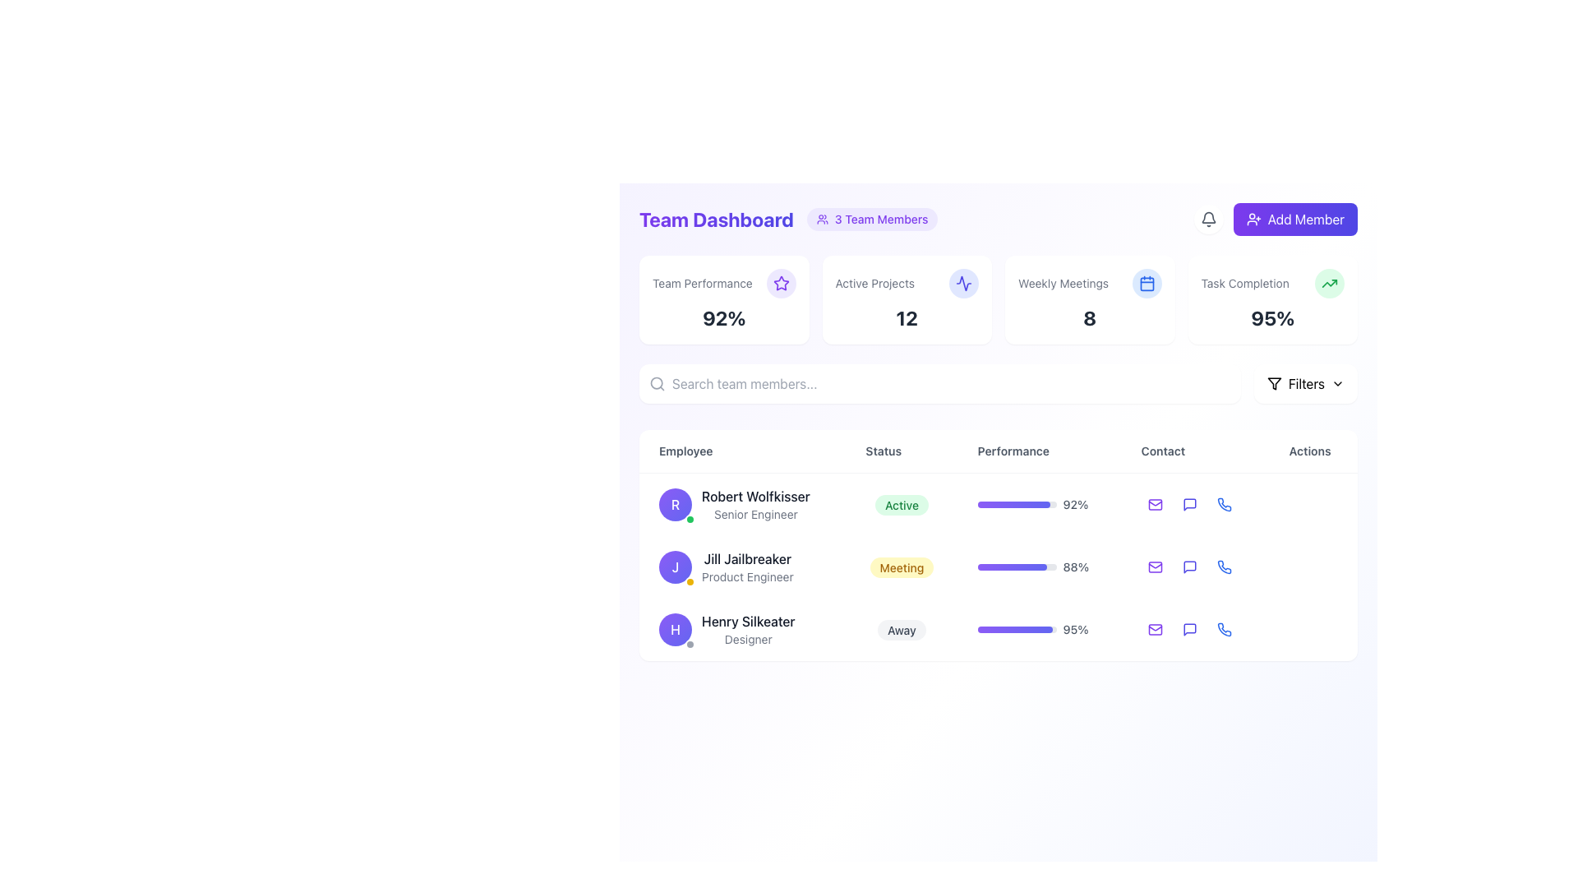 This screenshot has height=888, width=1578. What do you see at coordinates (1224, 629) in the screenshot?
I see `the phone call icon button located in the 'Contact' column of the last row for employee 'Henry Silkeater, Designer'` at bounding box center [1224, 629].